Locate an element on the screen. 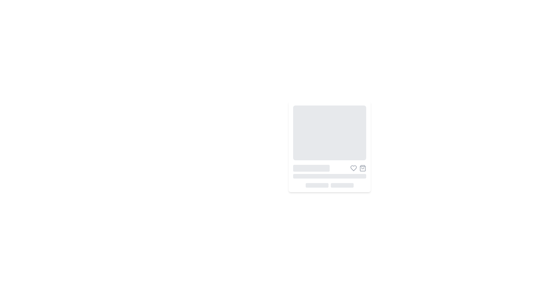  the shopping icon located in the bottom right corner of the card-like UI component is located at coordinates (362, 168).